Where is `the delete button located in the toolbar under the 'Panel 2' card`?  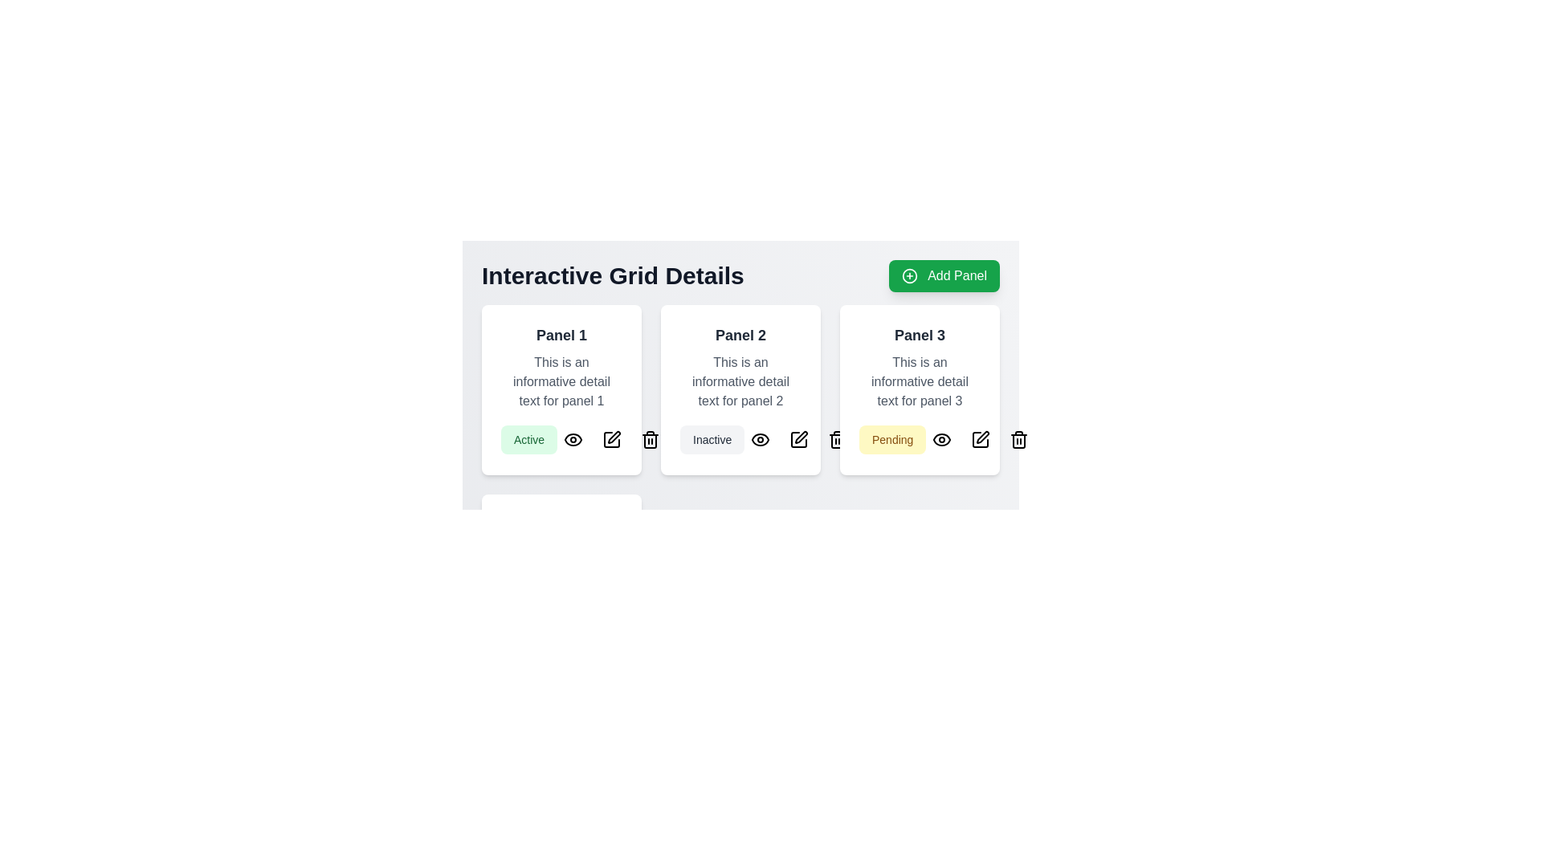
the delete button located in the toolbar under the 'Panel 2' card is located at coordinates (651, 439).